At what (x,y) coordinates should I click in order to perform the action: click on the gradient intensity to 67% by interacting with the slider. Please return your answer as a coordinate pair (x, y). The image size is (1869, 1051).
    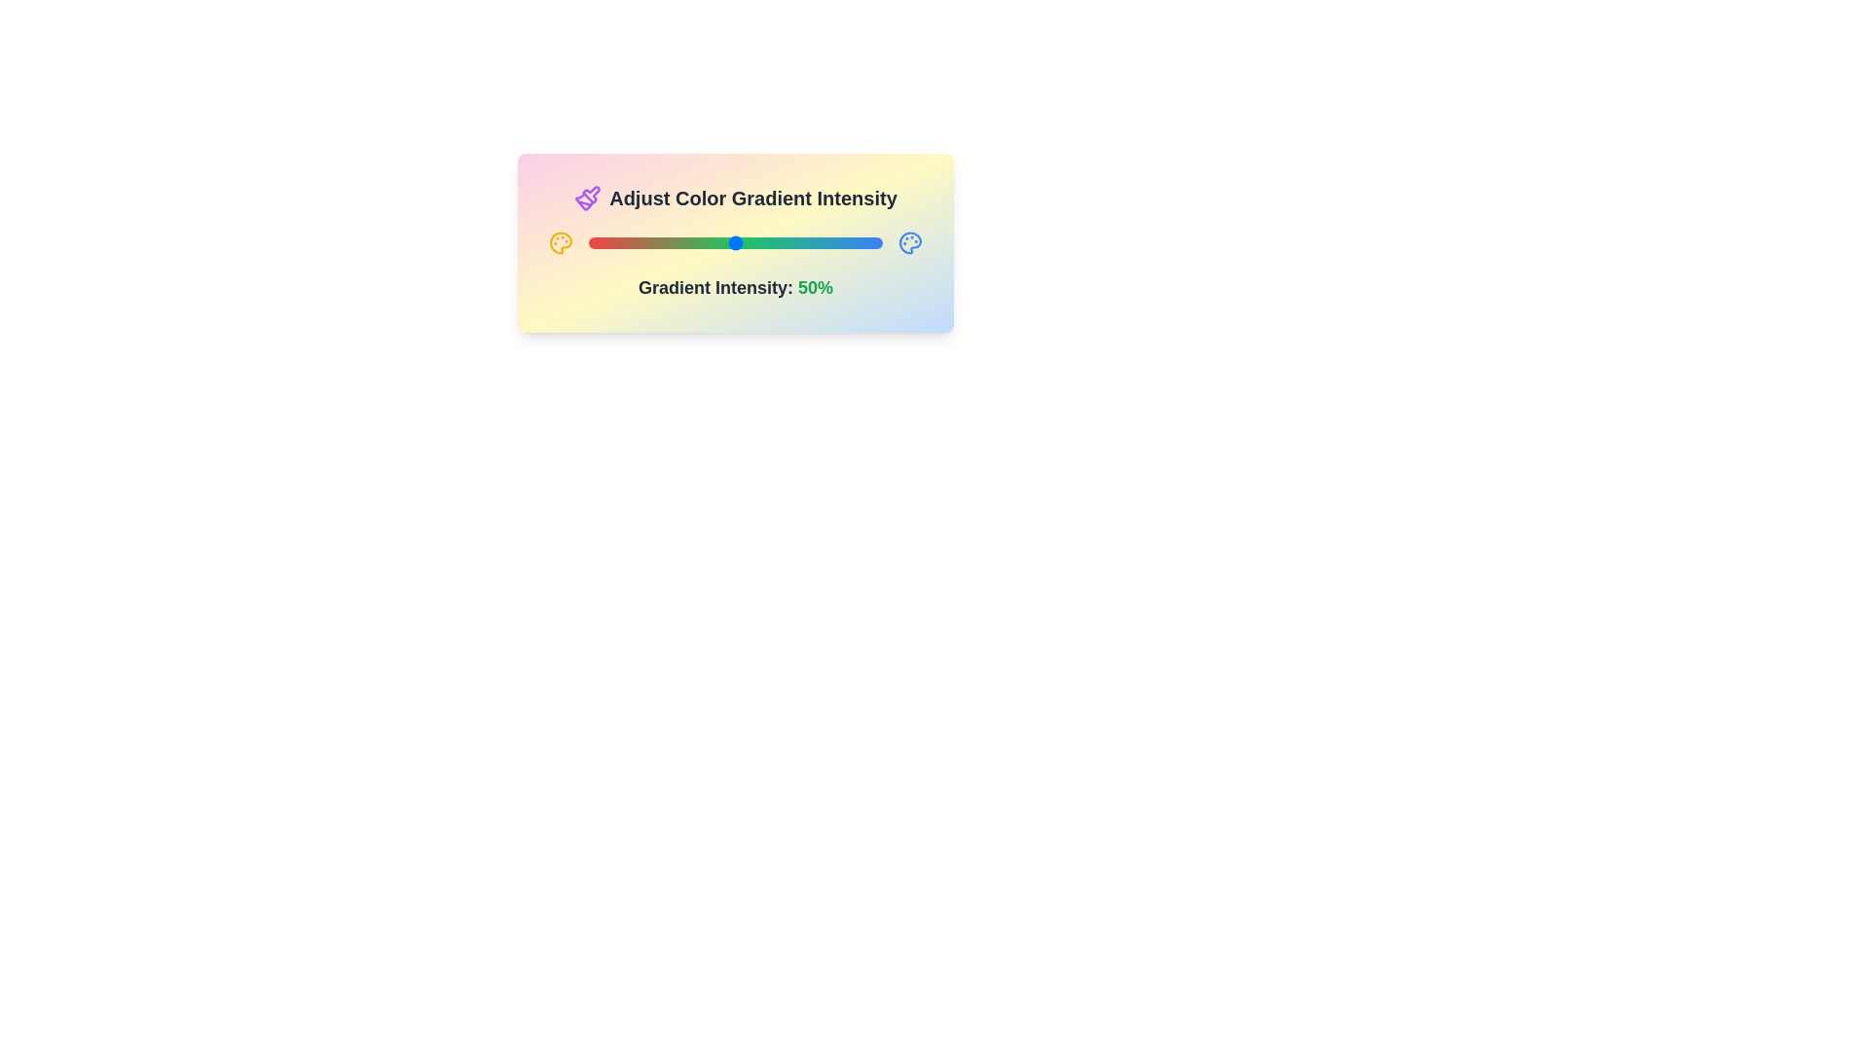
    Looking at the image, I should click on (786, 242).